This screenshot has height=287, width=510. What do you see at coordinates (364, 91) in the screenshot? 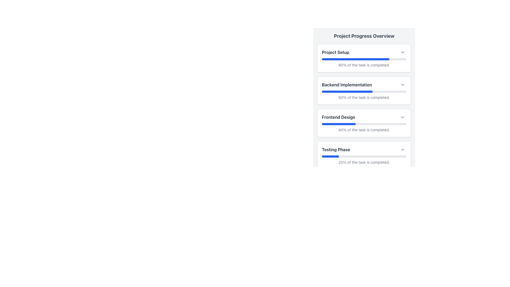
I see `the Progress Bar indicating 60% completion within the 'Backend Implementation' card, located in the second position of the vertically stacked list of cards` at bounding box center [364, 91].